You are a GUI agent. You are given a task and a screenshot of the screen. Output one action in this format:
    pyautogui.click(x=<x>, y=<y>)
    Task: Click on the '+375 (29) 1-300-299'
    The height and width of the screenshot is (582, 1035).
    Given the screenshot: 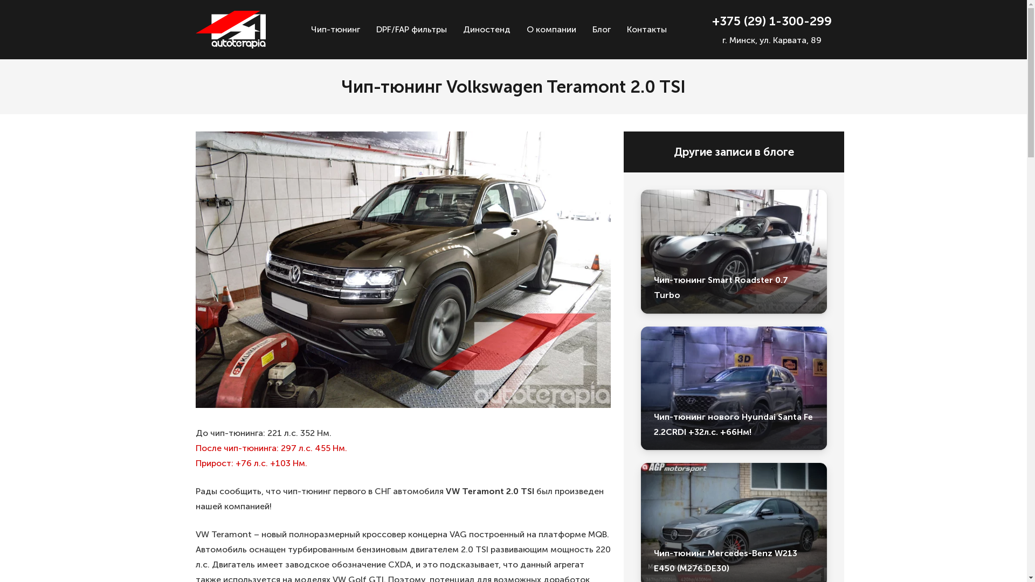 What is the action you would take?
    pyautogui.click(x=771, y=20)
    